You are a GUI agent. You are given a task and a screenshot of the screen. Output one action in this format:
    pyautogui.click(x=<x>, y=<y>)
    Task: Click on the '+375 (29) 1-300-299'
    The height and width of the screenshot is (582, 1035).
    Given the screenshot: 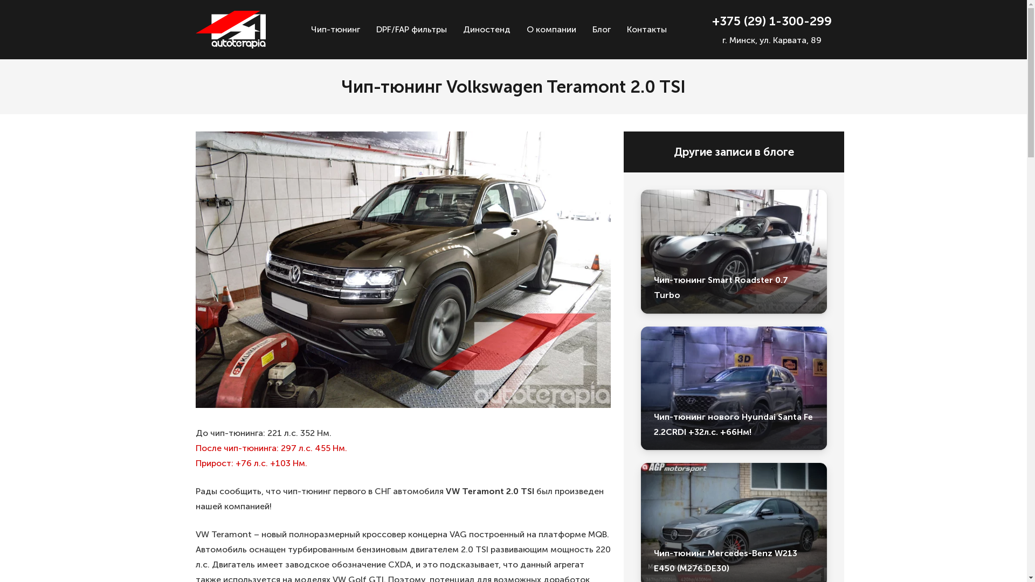 What is the action you would take?
    pyautogui.click(x=771, y=20)
    